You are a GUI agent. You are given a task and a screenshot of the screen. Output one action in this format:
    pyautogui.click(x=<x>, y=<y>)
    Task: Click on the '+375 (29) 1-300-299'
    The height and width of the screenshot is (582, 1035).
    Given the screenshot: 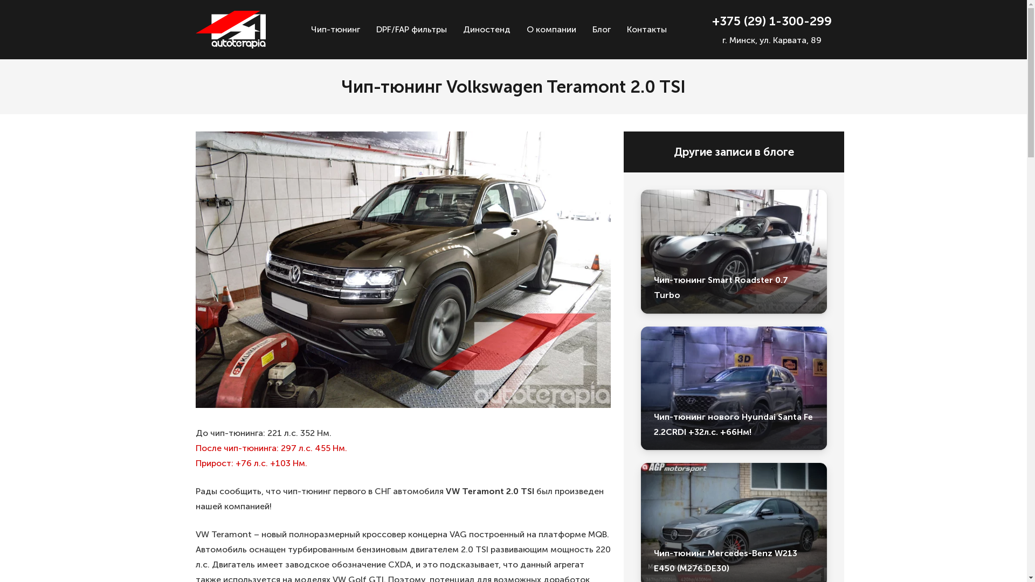 What is the action you would take?
    pyautogui.click(x=771, y=20)
    